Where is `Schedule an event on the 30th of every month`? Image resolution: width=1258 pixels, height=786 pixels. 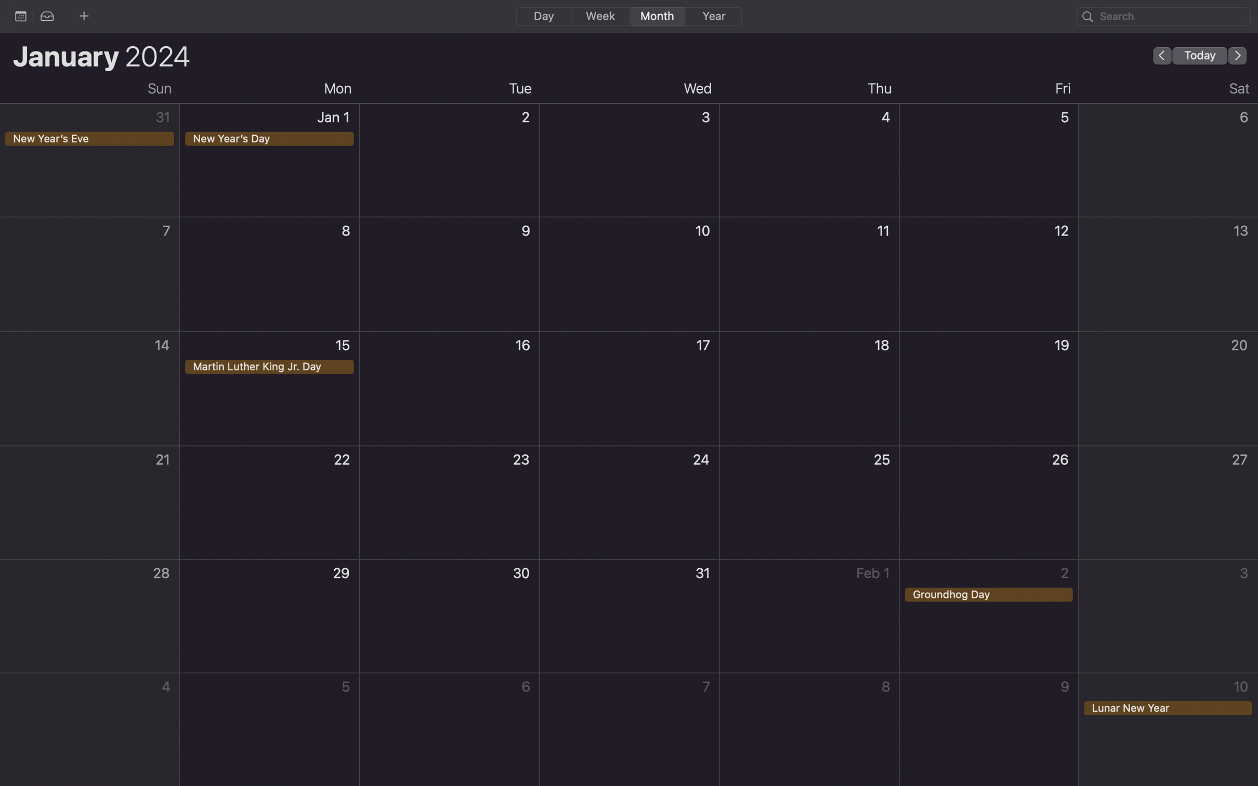 Schedule an event on the 30th of every month is located at coordinates (450, 617).